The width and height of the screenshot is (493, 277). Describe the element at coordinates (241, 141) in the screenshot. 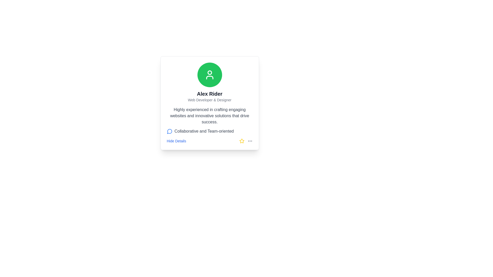

I see `the star icon button located at the bottom right of the profile card for user 'Alex Rider' to mark it as a favorite` at that location.